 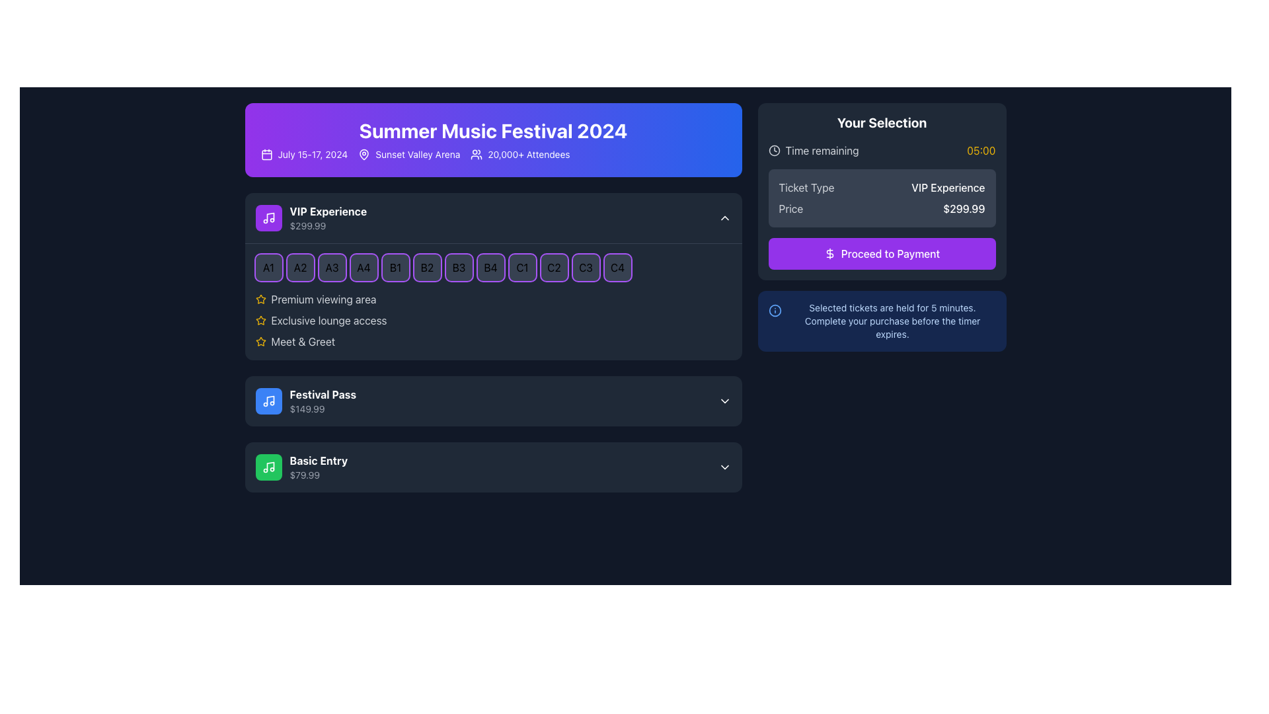 I want to click on the header that introduces the section displaying the user's current selection information, located at the top of the 'Your Selection' section on the right side of the interface, so click(x=882, y=122).